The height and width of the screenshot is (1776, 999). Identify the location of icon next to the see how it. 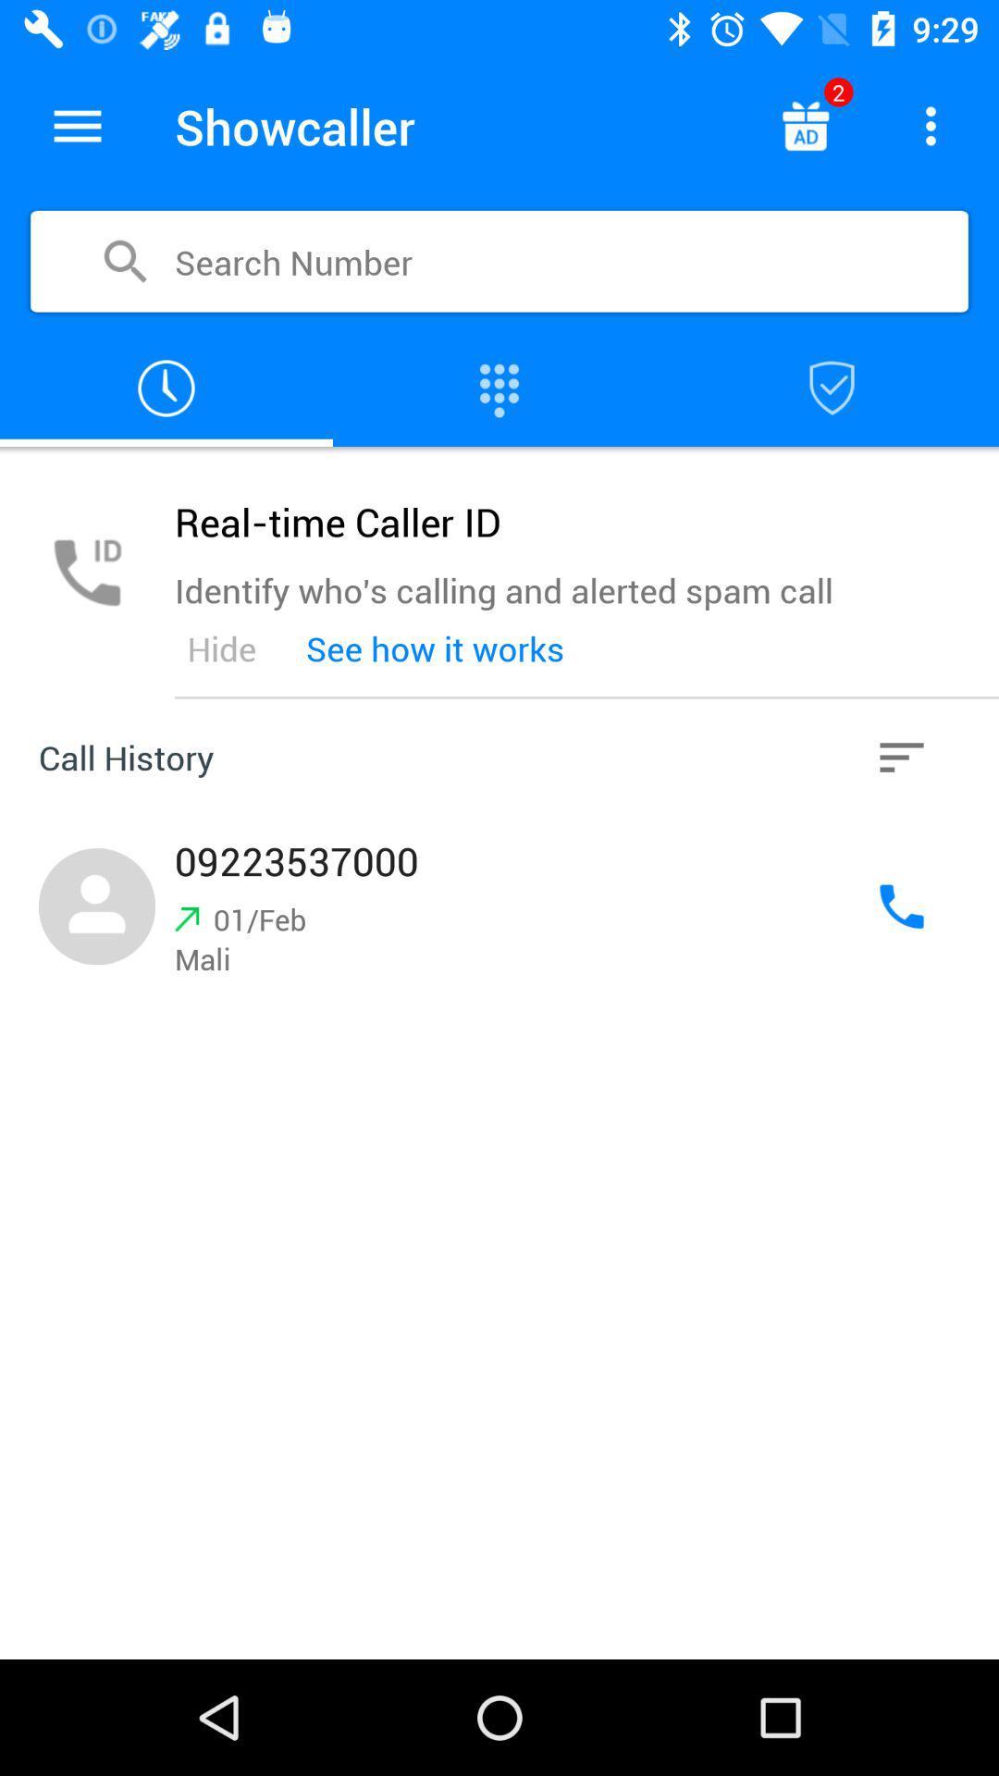
(220, 648).